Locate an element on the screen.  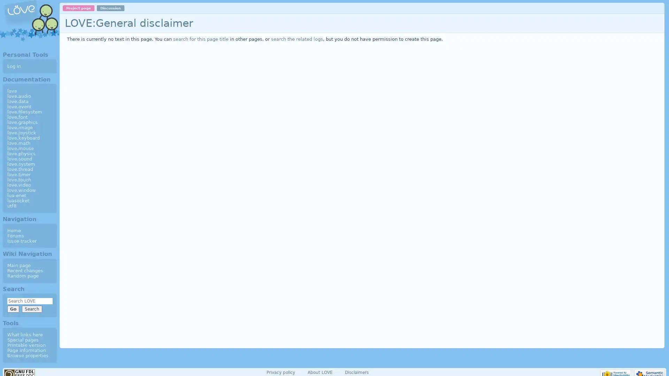
Search is located at coordinates (31, 308).